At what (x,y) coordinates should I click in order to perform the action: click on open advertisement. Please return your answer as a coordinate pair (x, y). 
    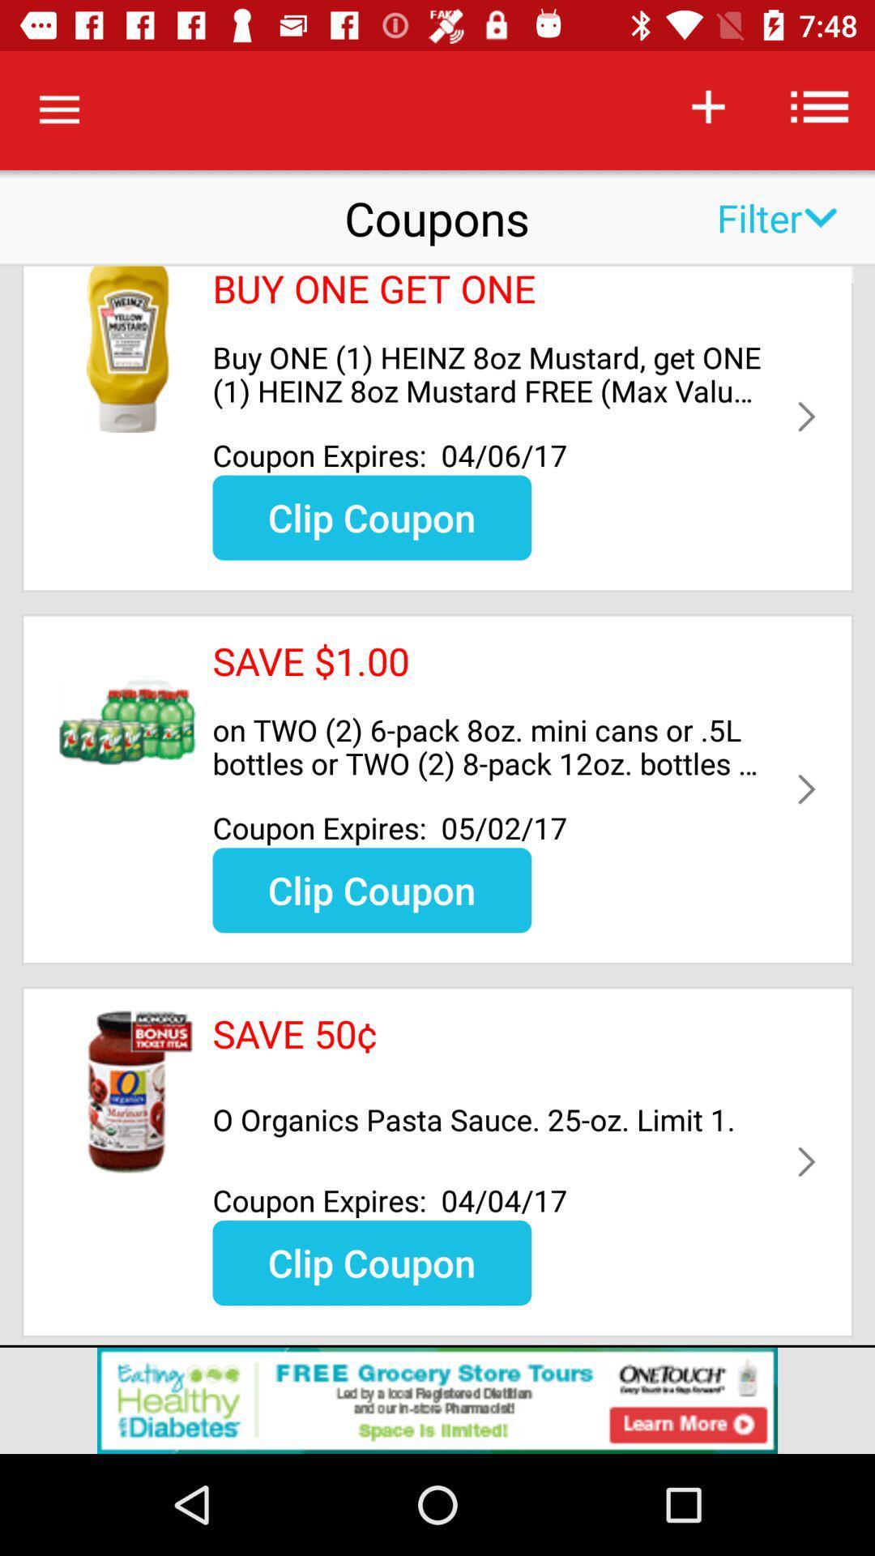
    Looking at the image, I should click on (437, 1400).